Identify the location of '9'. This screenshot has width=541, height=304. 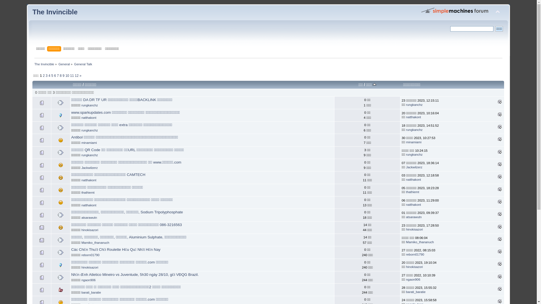
(63, 75).